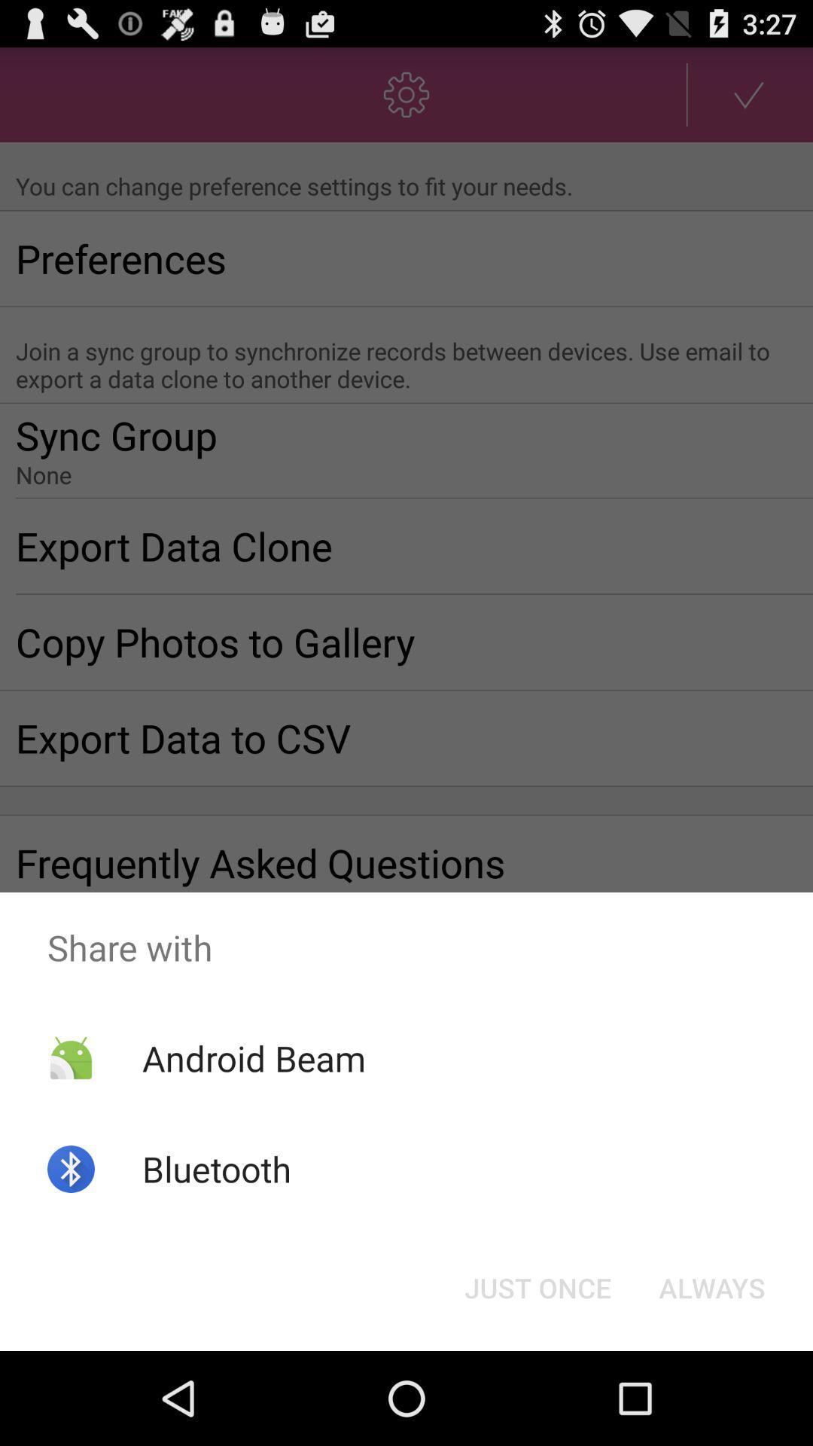 The width and height of the screenshot is (813, 1446). What do you see at coordinates (711, 1286) in the screenshot?
I see `the icon next to the just once button` at bounding box center [711, 1286].